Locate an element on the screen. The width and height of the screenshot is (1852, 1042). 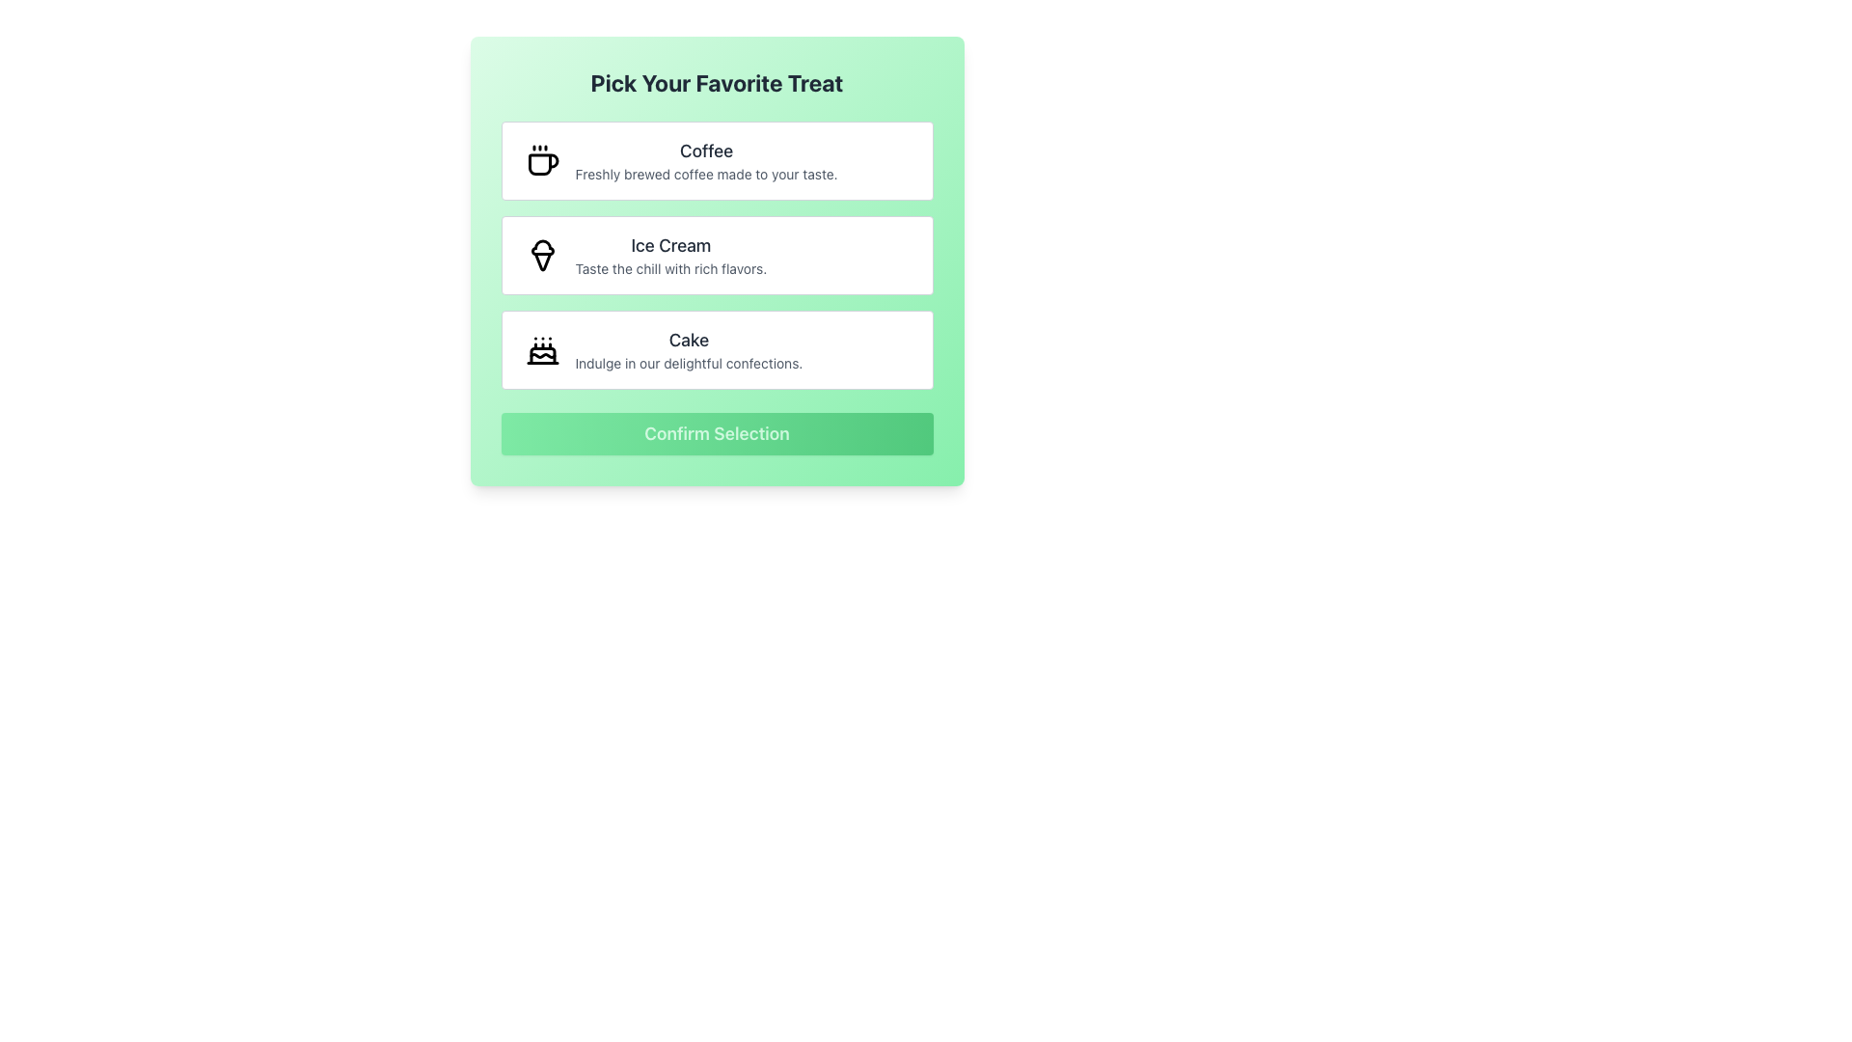
the text block labeled 'Coffee', which includes the subtext 'Freshly brewed coffee made to your taste.' This text is part of the topmost selectable card in a list and is positioned next to a coffee cup icon is located at coordinates (705, 159).